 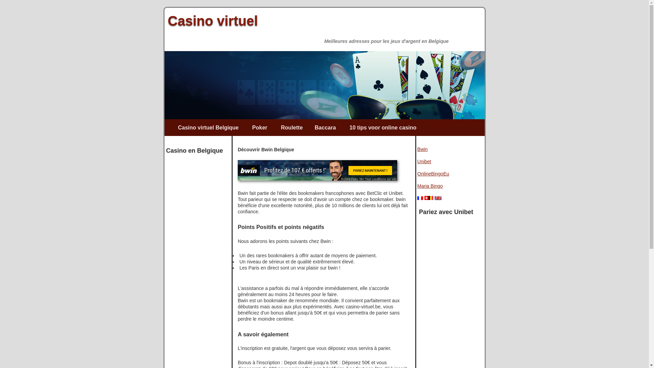 What do you see at coordinates (212, 20) in the screenshot?
I see `'Casino virtuel'` at bounding box center [212, 20].